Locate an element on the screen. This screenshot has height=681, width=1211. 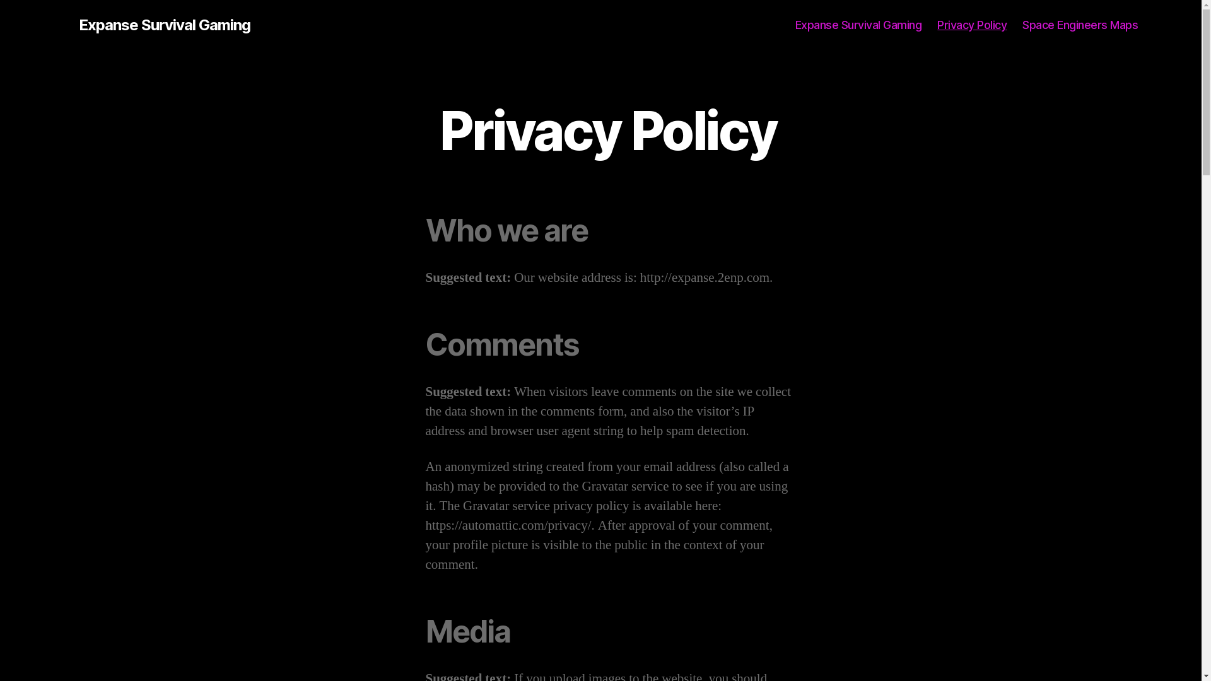
'Privacy Policy' is located at coordinates (937, 25).